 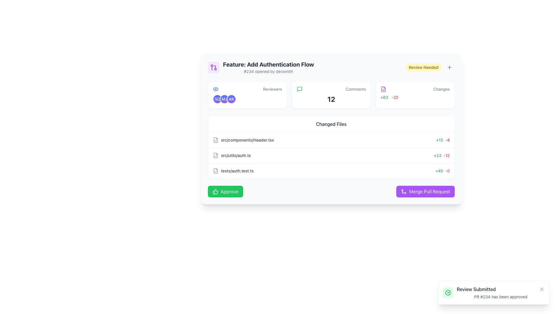 What do you see at coordinates (476, 289) in the screenshot?
I see `the 'Review Submitted' text label, which is styled in medium-weight dark gray font and is located in the notification widget at the bottom-right corner of the interface` at bounding box center [476, 289].